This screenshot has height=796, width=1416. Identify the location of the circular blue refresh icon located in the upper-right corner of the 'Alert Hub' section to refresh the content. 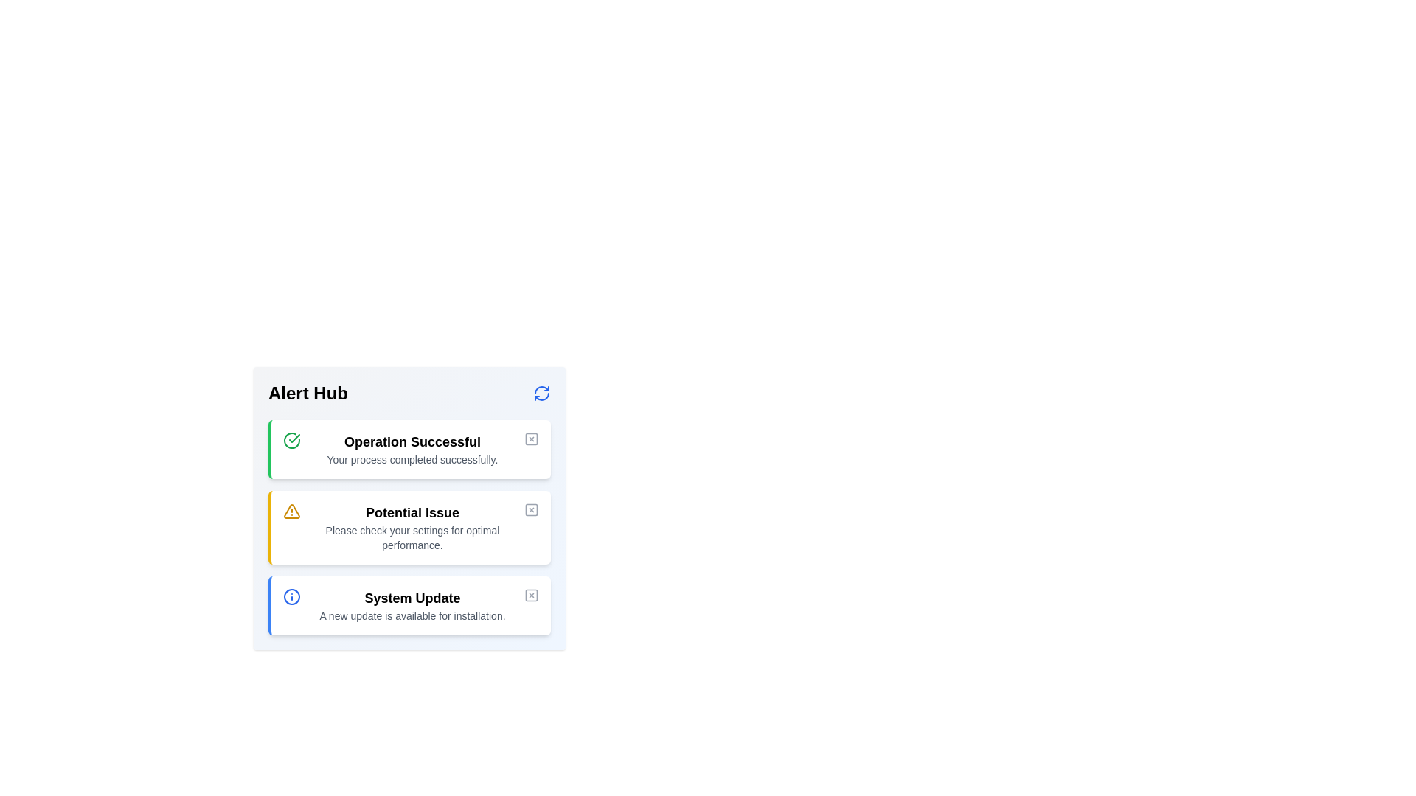
(541, 392).